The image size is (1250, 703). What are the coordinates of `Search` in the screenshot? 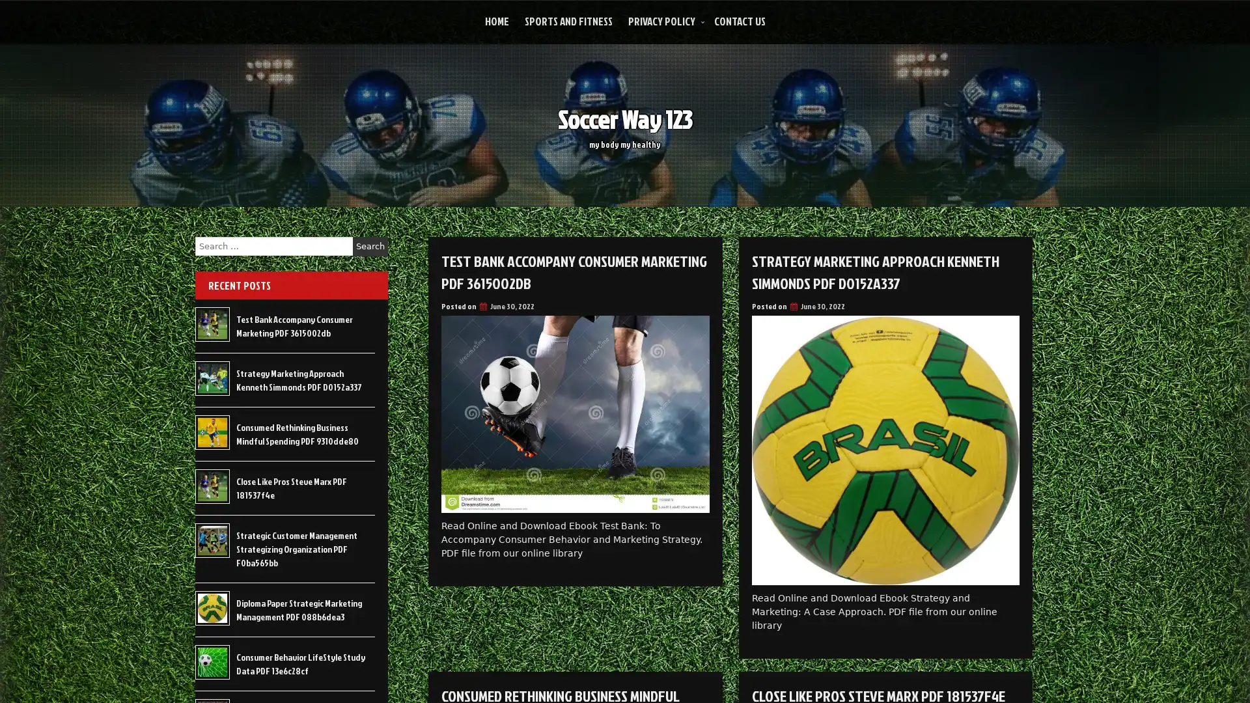 It's located at (370, 246).